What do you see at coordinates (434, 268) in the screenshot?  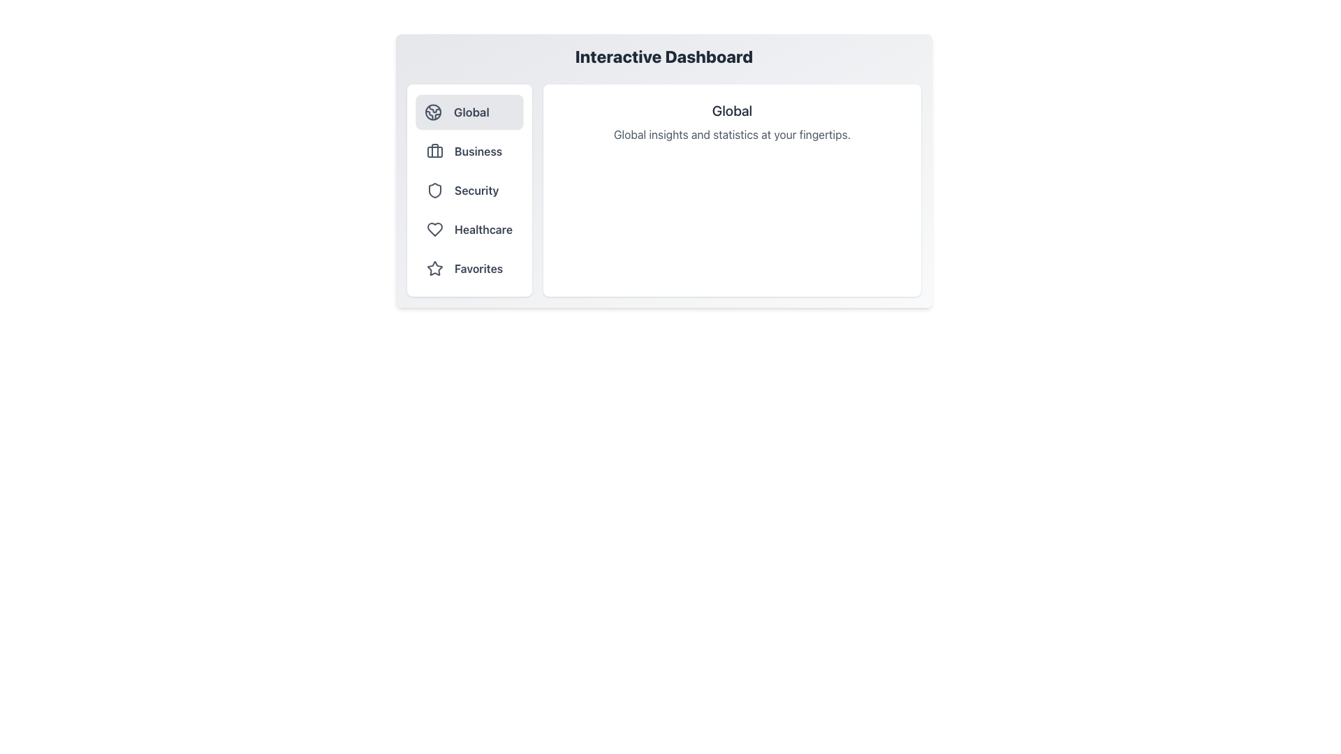 I see `the 'Favorites' icon located in the vertical navigation menu on the left sidebar, which serves as a visual marker for the 'Favorites' section` at bounding box center [434, 268].